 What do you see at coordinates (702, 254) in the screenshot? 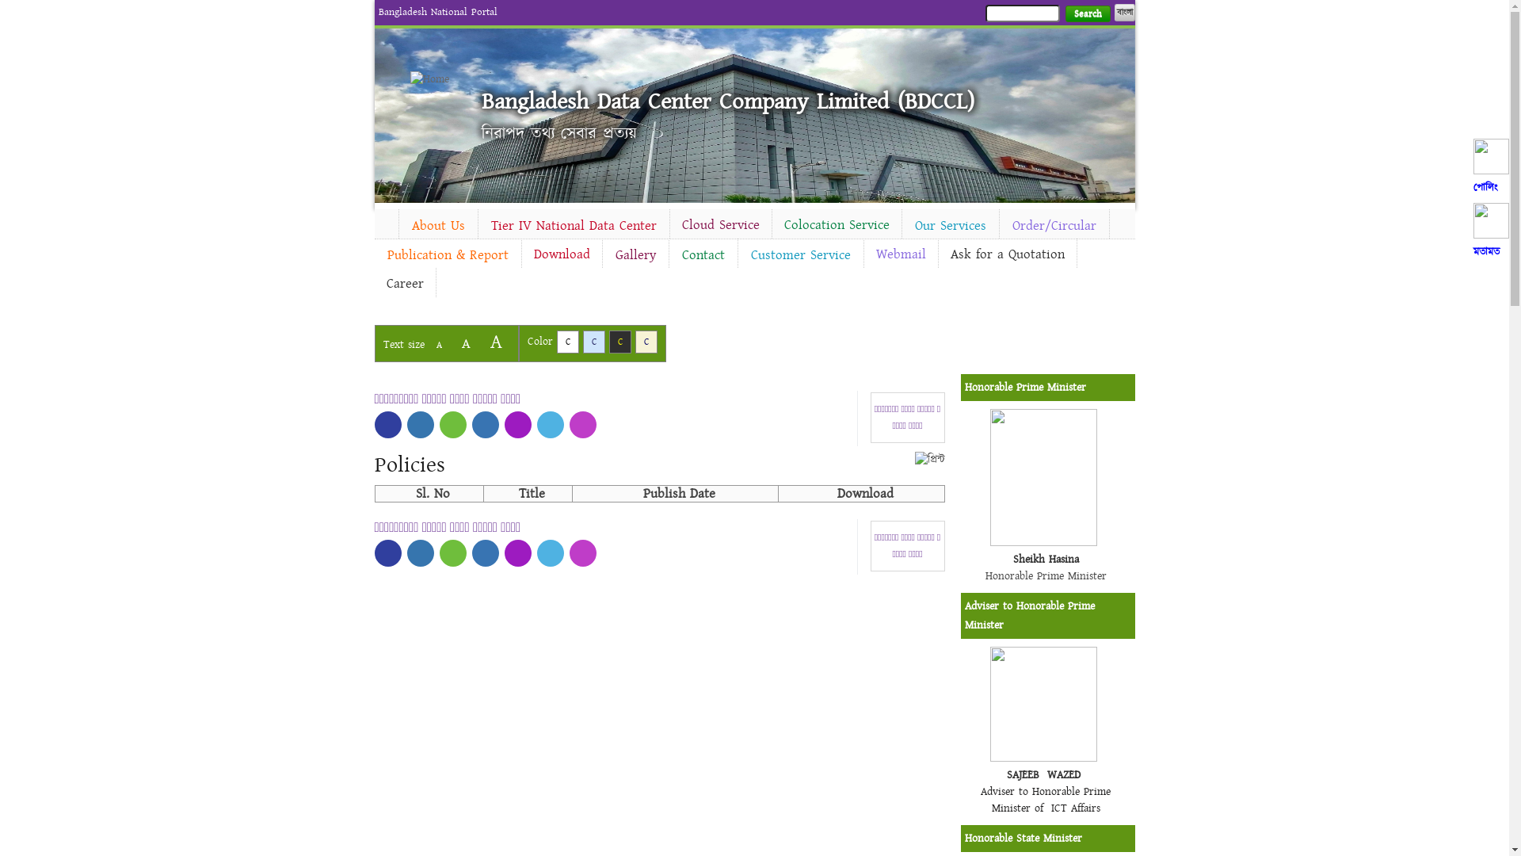
I see `'Contact'` at bounding box center [702, 254].